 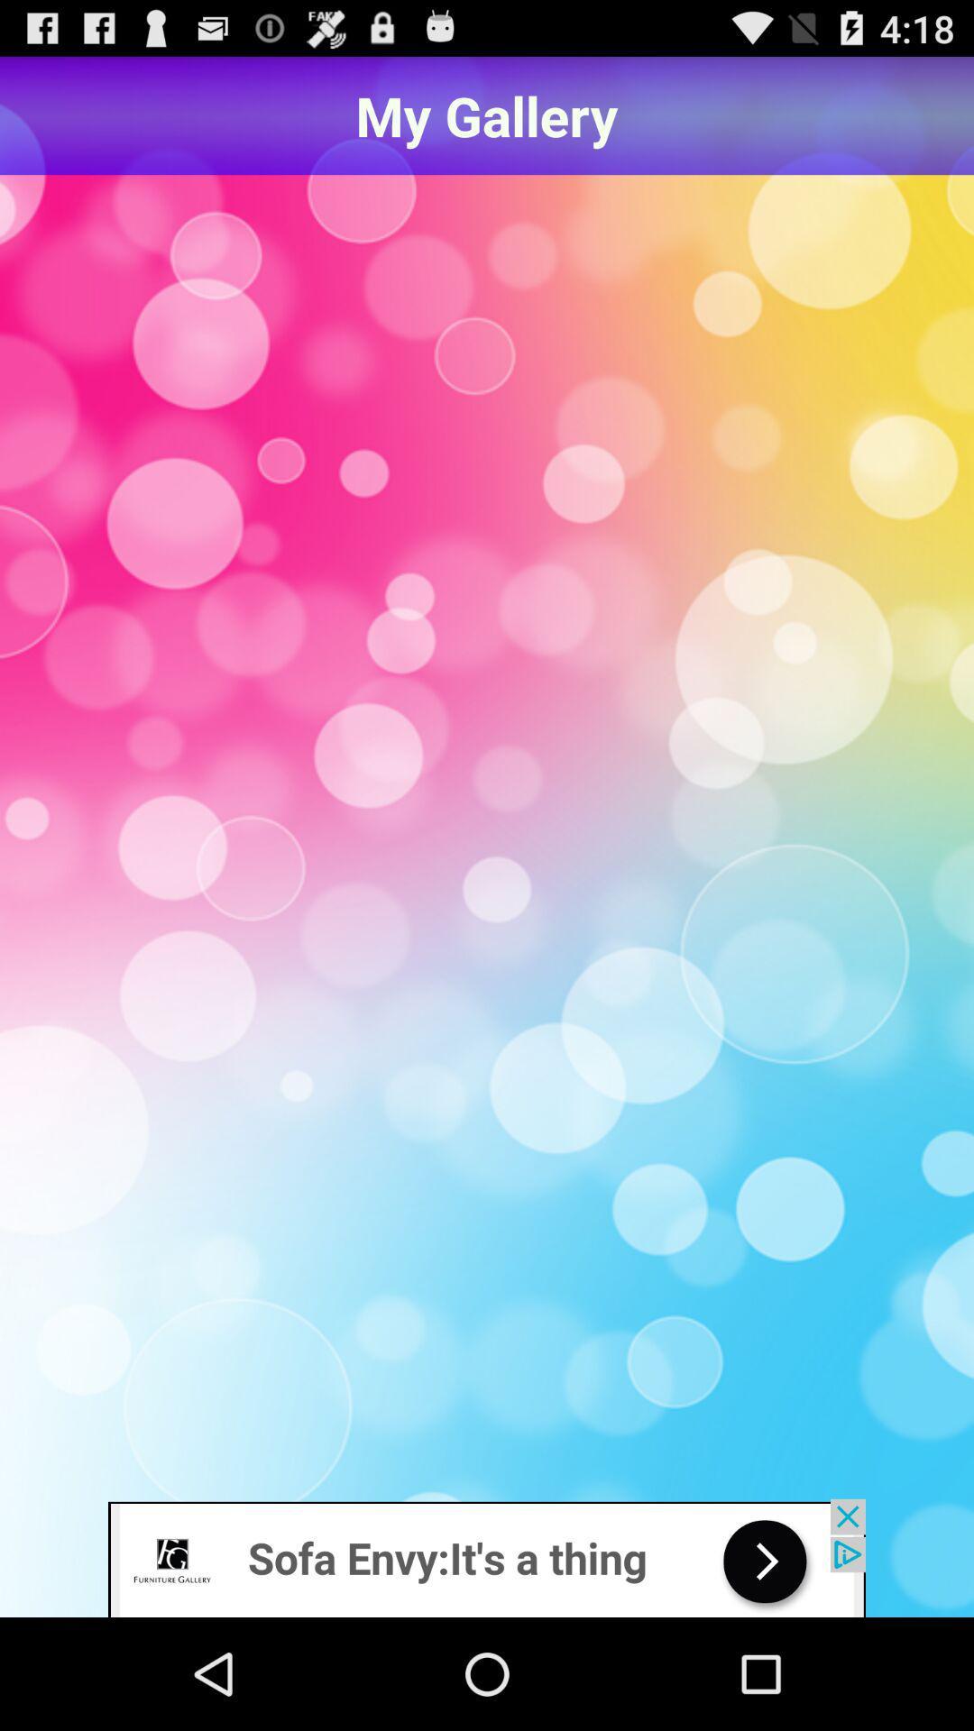 I want to click on visit furniture website, so click(x=487, y=1557).